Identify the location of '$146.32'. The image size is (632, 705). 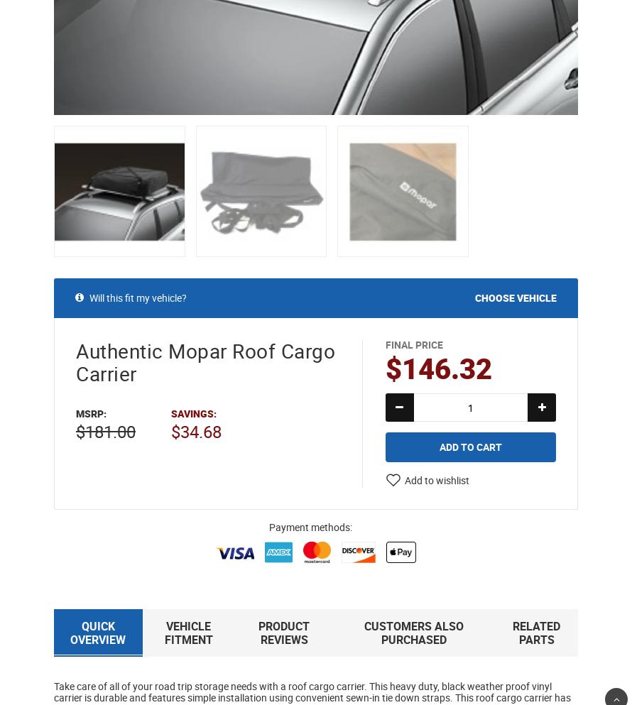
(438, 368).